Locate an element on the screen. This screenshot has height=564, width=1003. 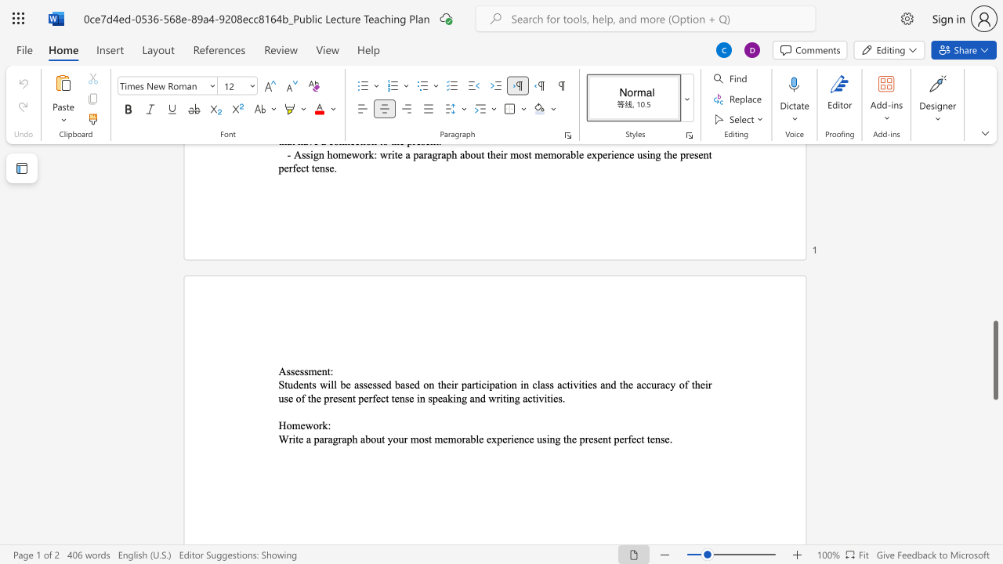
the scrollbar to move the view up is located at coordinates (994, 265).